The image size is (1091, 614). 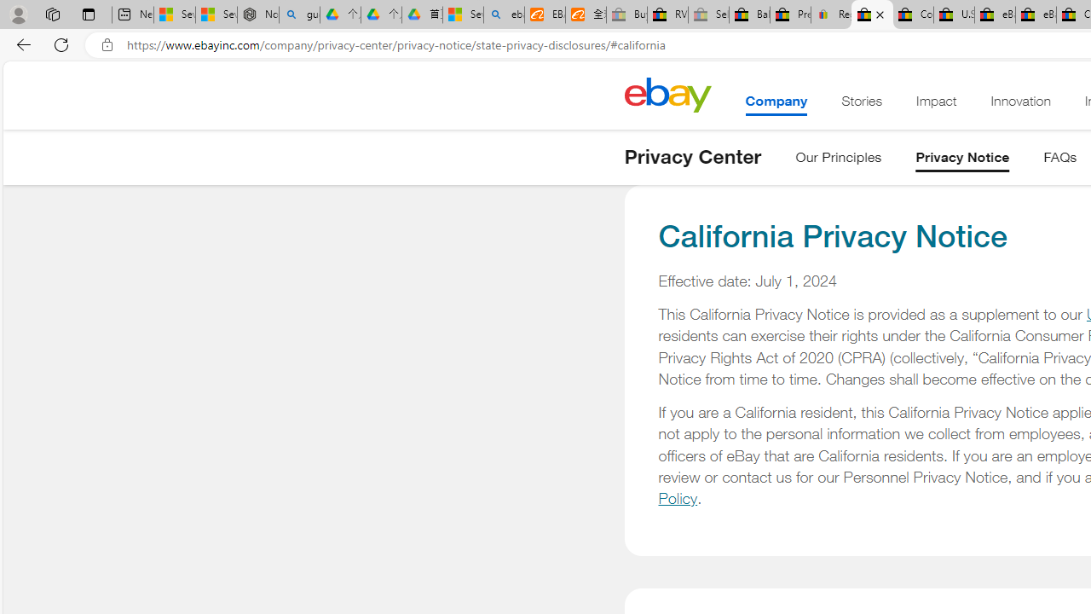 What do you see at coordinates (299, 14) in the screenshot?
I see `'guge yunpan - Search'` at bounding box center [299, 14].